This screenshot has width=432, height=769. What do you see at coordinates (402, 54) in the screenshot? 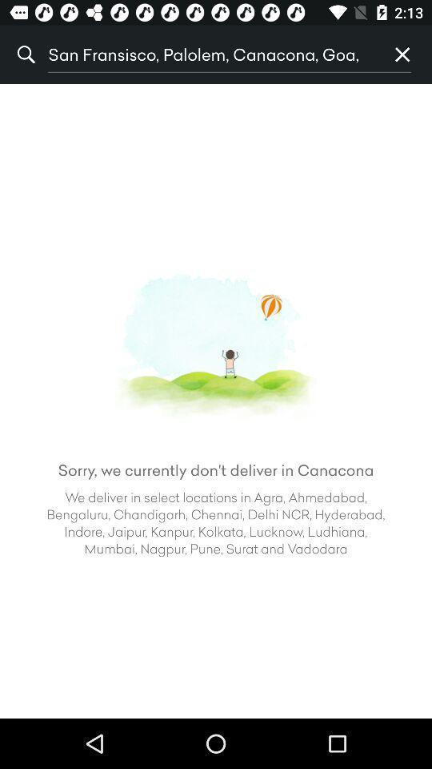
I see `the icon at the top right corner` at bounding box center [402, 54].